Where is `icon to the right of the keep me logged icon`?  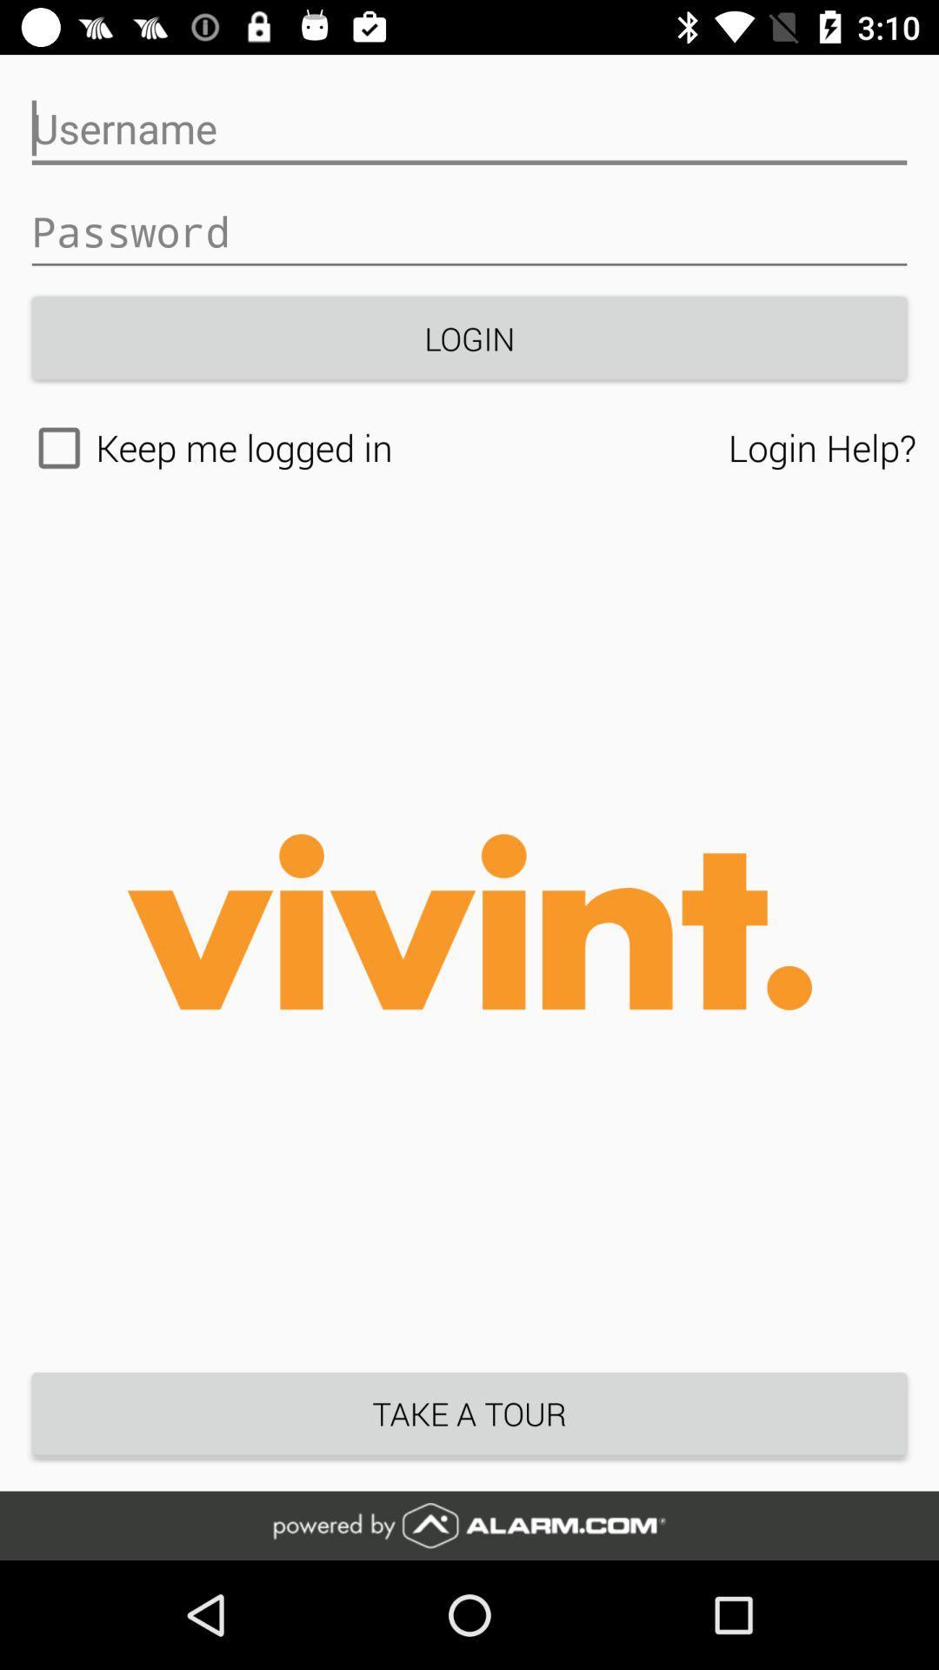
icon to the right of the keep me logged icon is located at coordinates (822, 447).